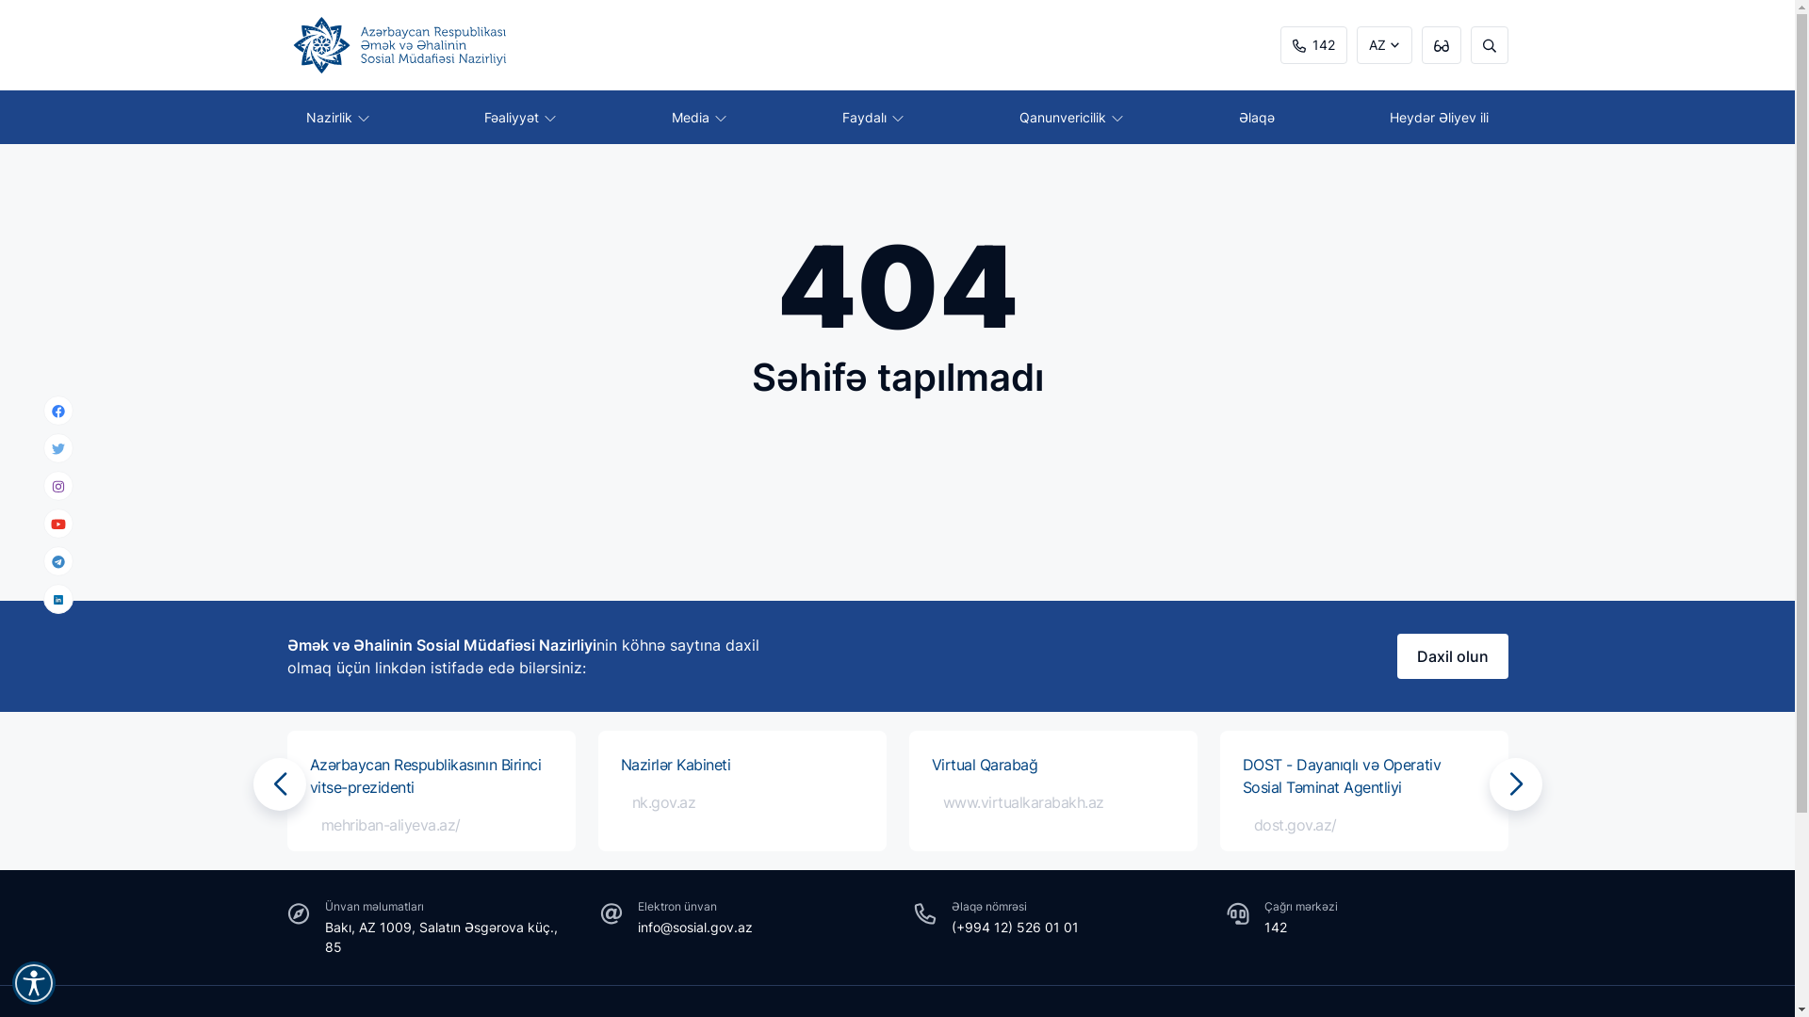 The width and height of the screenshot is (1809, 1017). I want to click on 'Daxil olun', so click(1396, 655).